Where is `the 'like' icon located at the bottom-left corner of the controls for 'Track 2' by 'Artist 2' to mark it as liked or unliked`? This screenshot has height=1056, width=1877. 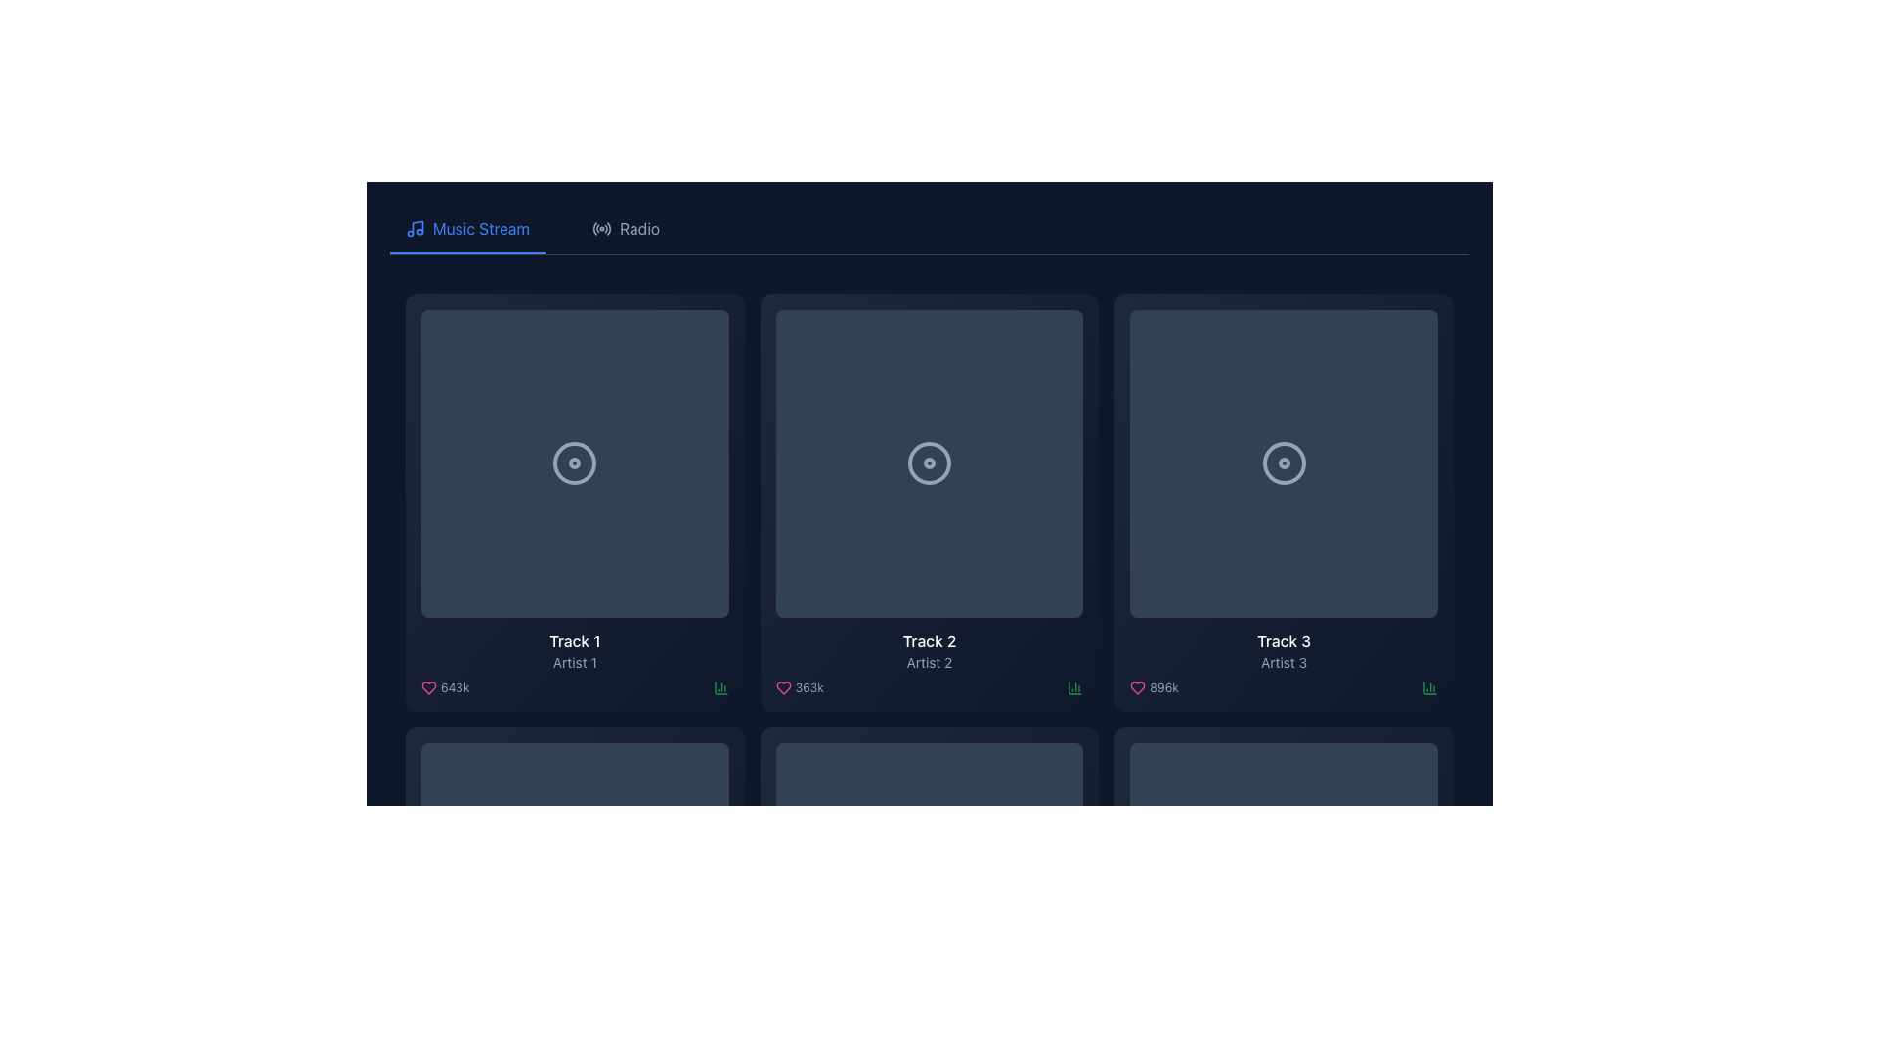 the 'like' icon located at the bottom-left corner of the controls for 'Track 2' by 'Artist 2' to mark it as liked or unliked is located at coordinates (783, 686).